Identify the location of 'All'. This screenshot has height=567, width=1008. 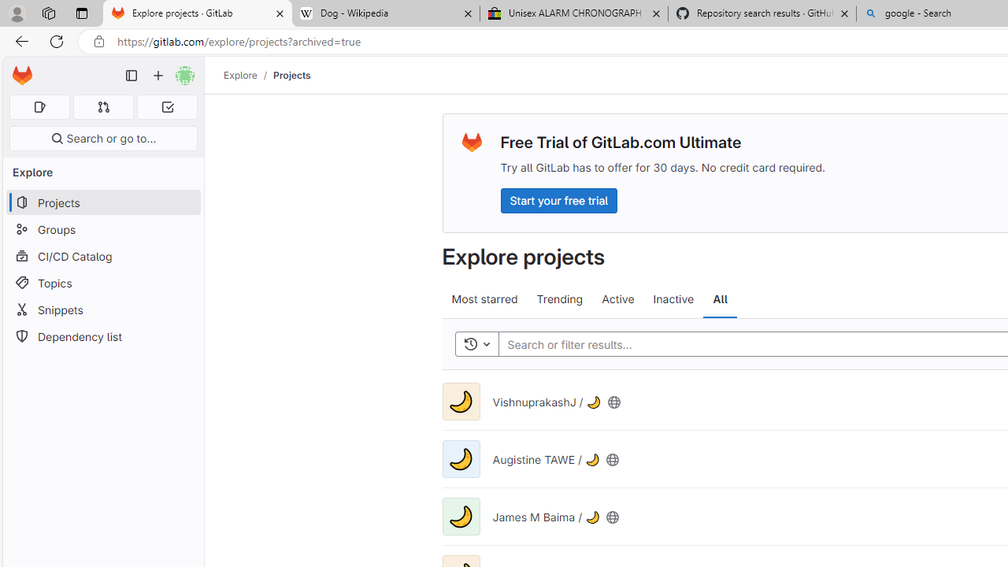
(719, 299).